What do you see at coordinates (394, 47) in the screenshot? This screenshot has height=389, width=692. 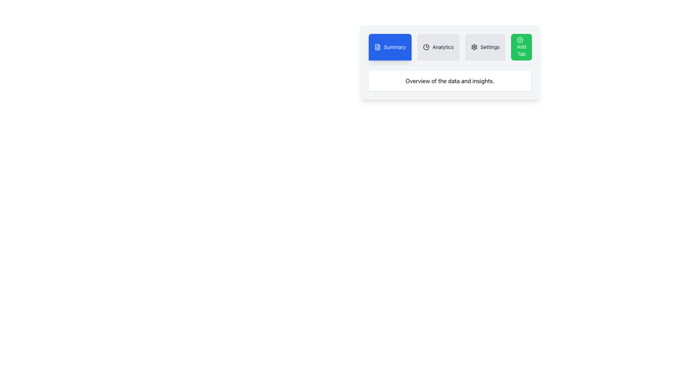 I see `the 'Summary' button, which displays the text in white font on a blue rectangular background` at bounding box center [394, 47].